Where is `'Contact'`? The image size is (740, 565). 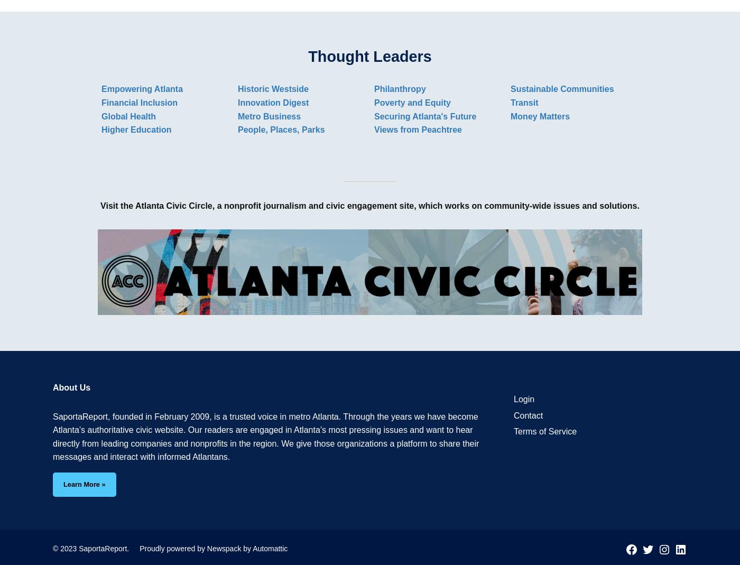 'Contact' is located at coordinates (528, 415).